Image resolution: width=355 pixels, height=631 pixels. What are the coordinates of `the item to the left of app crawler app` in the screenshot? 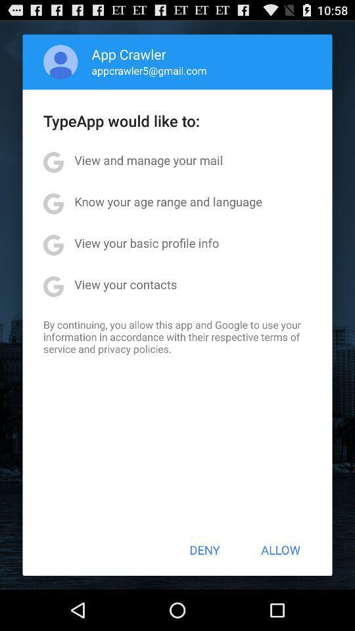 It's located at (60, 62).